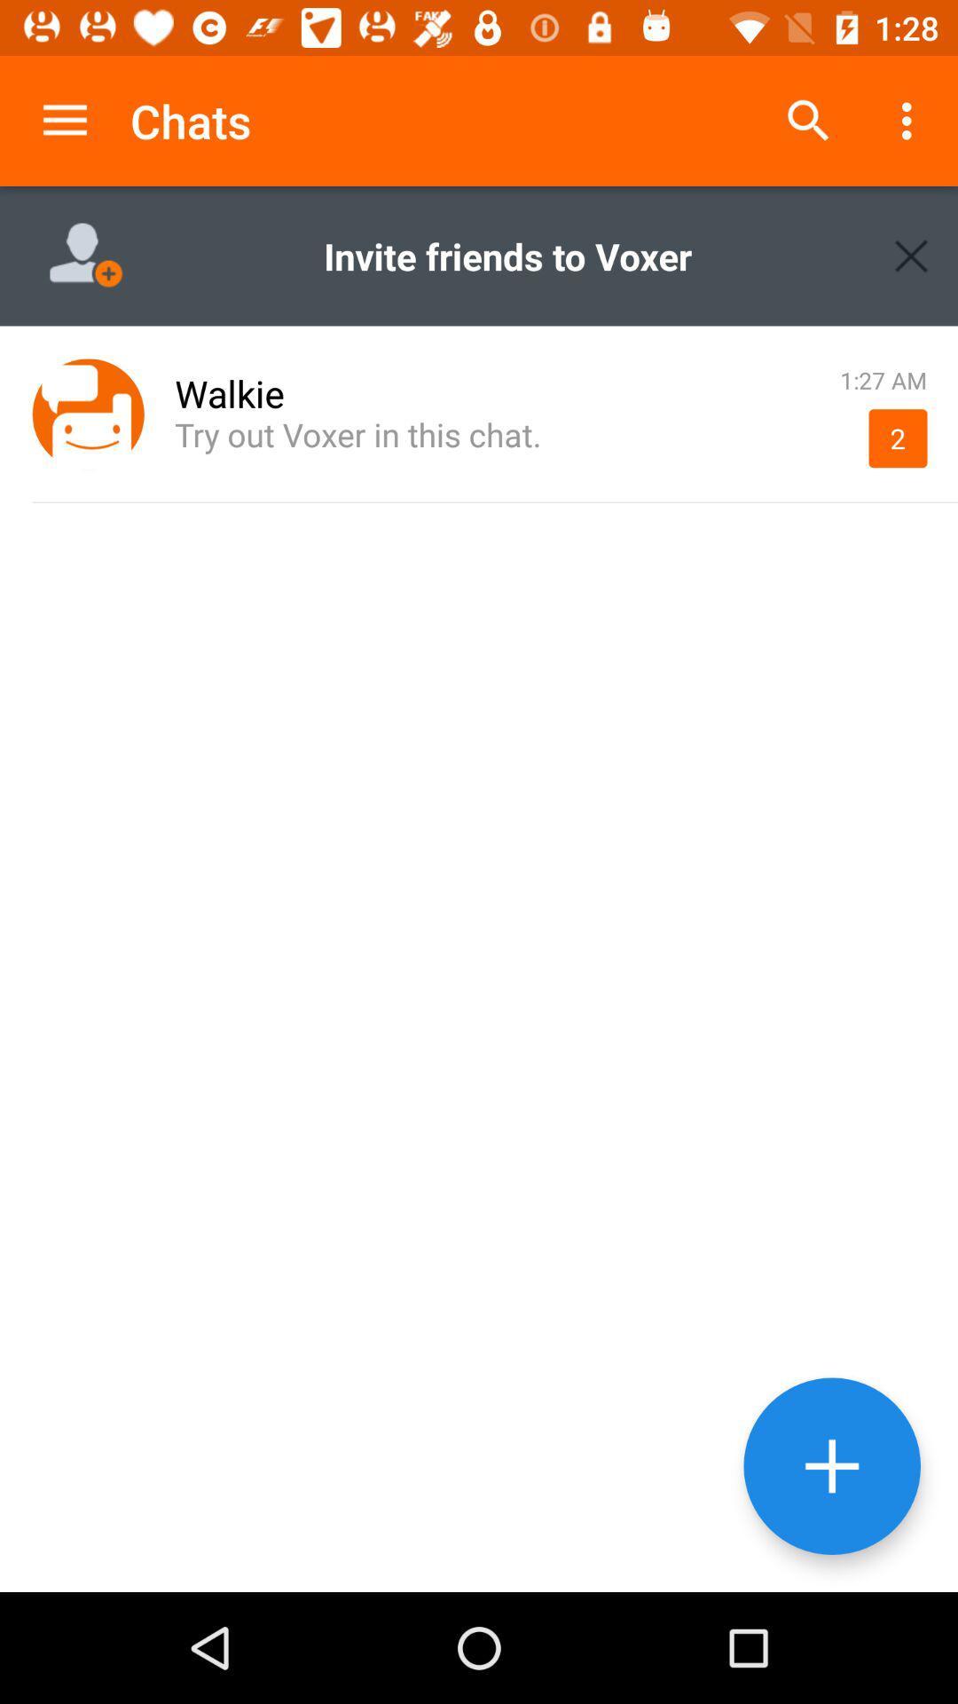  I want to click on box top right corner, so click(911, 255).